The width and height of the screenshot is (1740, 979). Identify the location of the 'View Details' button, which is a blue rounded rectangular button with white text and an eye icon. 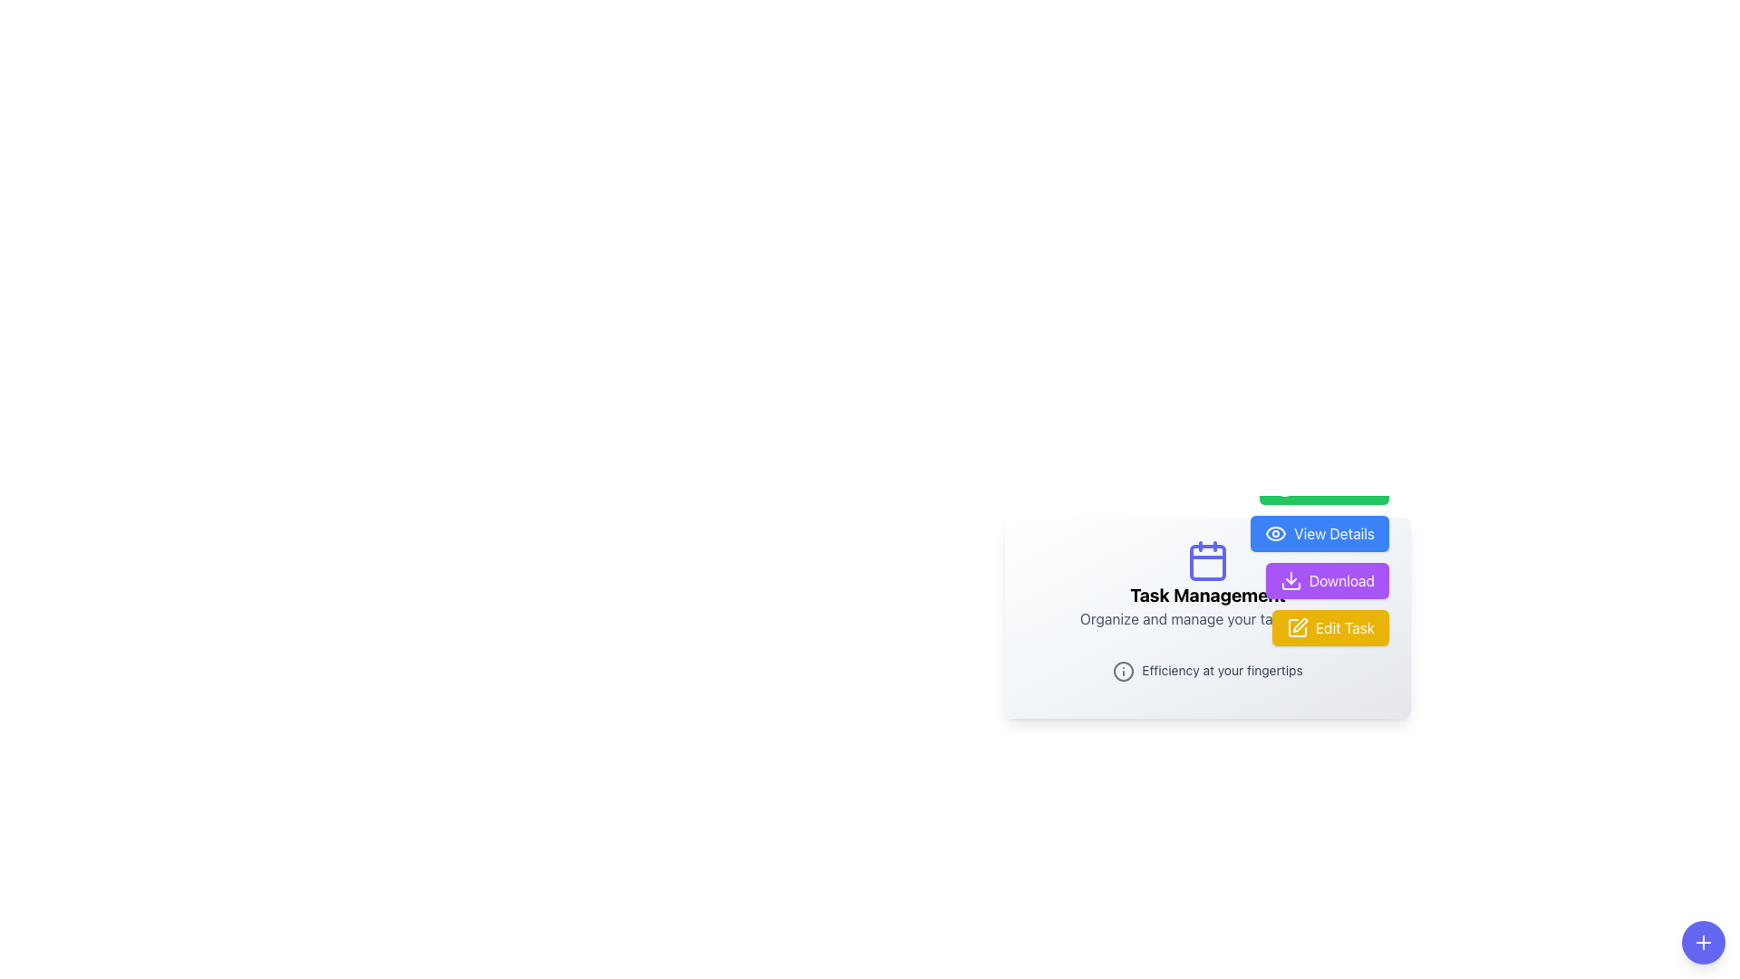
(1319, 532).